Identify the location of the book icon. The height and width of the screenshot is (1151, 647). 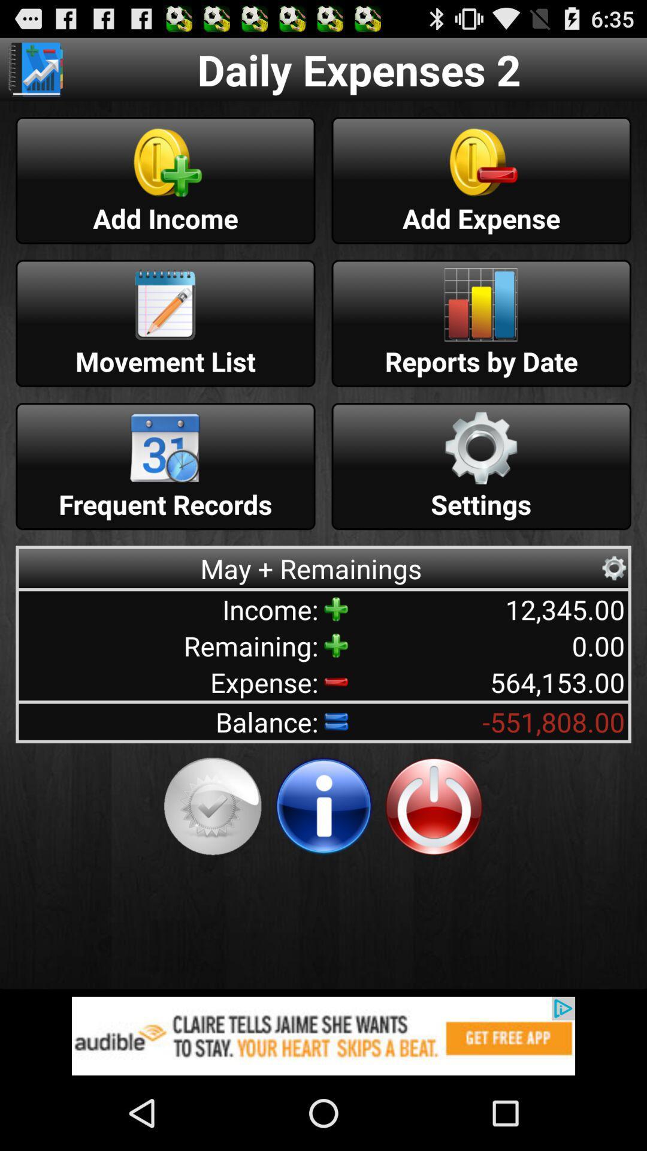
(35, 74).